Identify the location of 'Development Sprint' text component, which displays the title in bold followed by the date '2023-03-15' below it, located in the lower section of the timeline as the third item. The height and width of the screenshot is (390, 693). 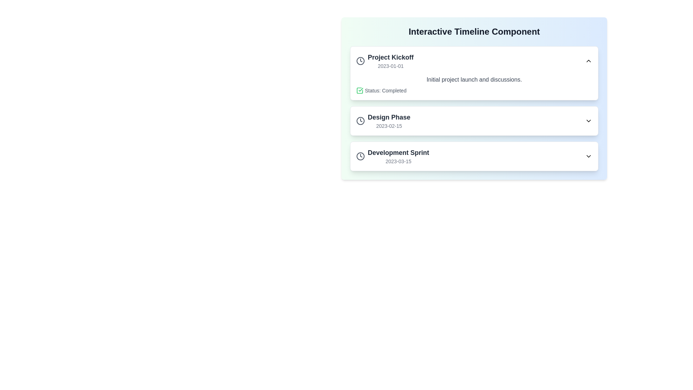
(398, 156).